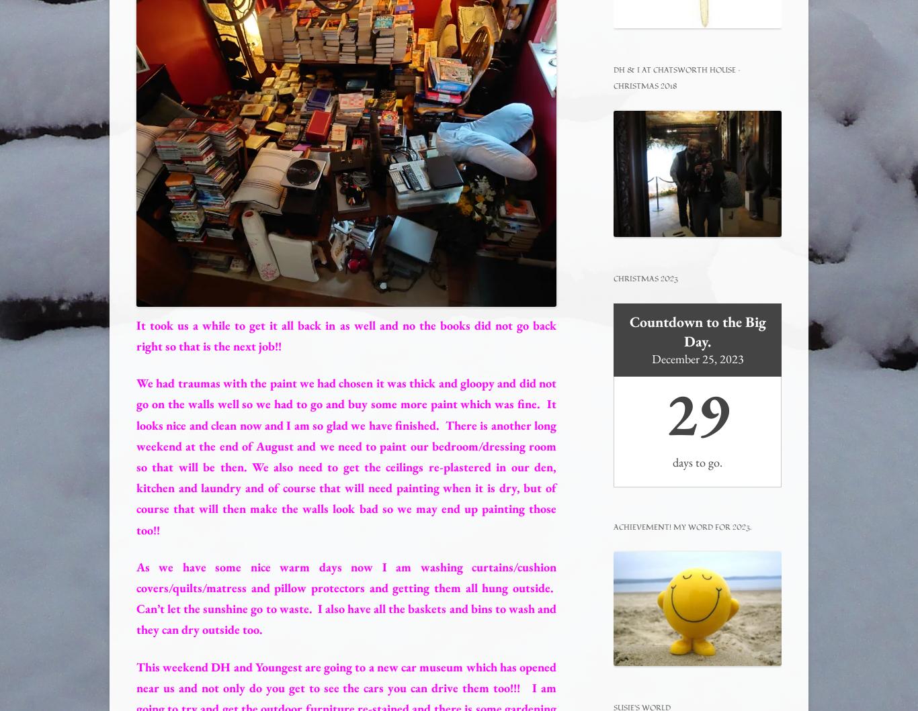 The width and height of the screenshot is (918, 711). I want to click on 'We had traumas with the paint we had chosen it was thick and gloopy and did not go on the walls well so we had to go and buy some more paint which was fine.  It looks nice and clean now and I am so glad we have finished.  There is another long weekend at the end of August and we need to paint our bedroom/dressing room so that will be then. We also need to get the ceilings re-plastered in our den, kitchen and laundry and of course that will need painting when it is dry, but of course that will then make the walls look bad so we may end up painting those too!!', so click(345, 456).